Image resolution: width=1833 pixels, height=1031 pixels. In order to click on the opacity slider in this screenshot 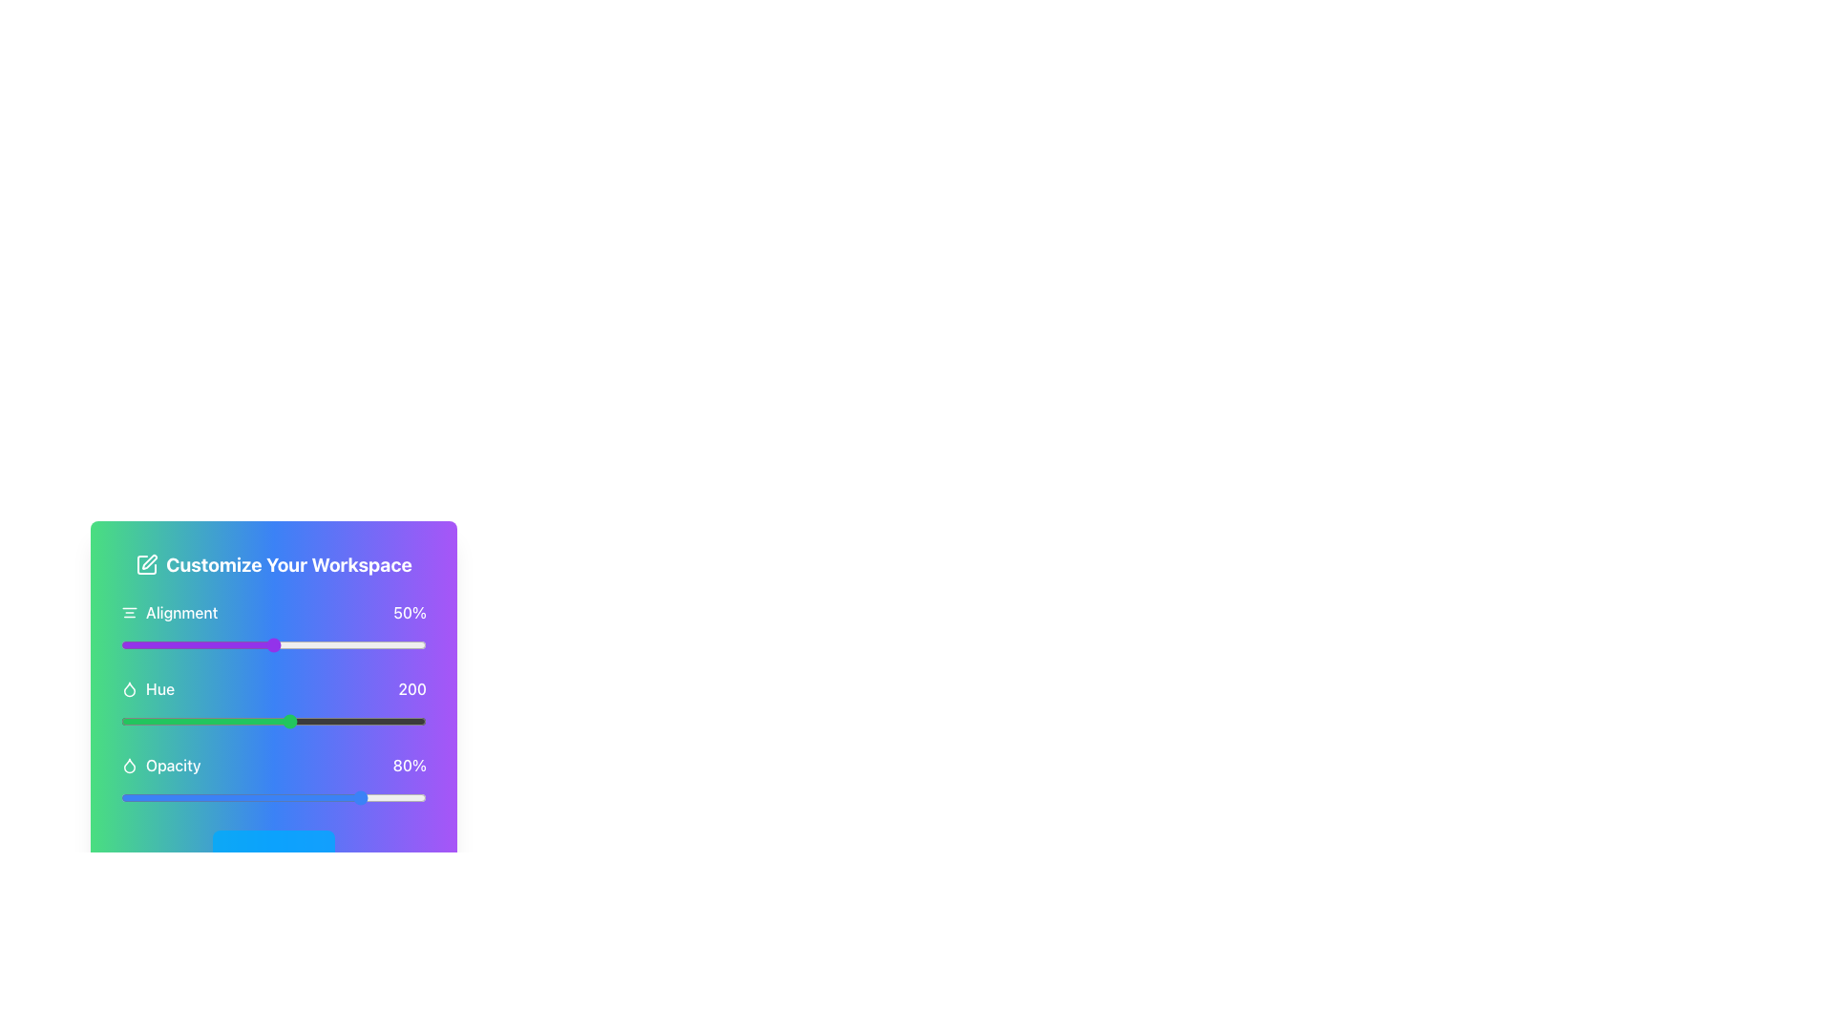, I will do `click(228, 798)`.